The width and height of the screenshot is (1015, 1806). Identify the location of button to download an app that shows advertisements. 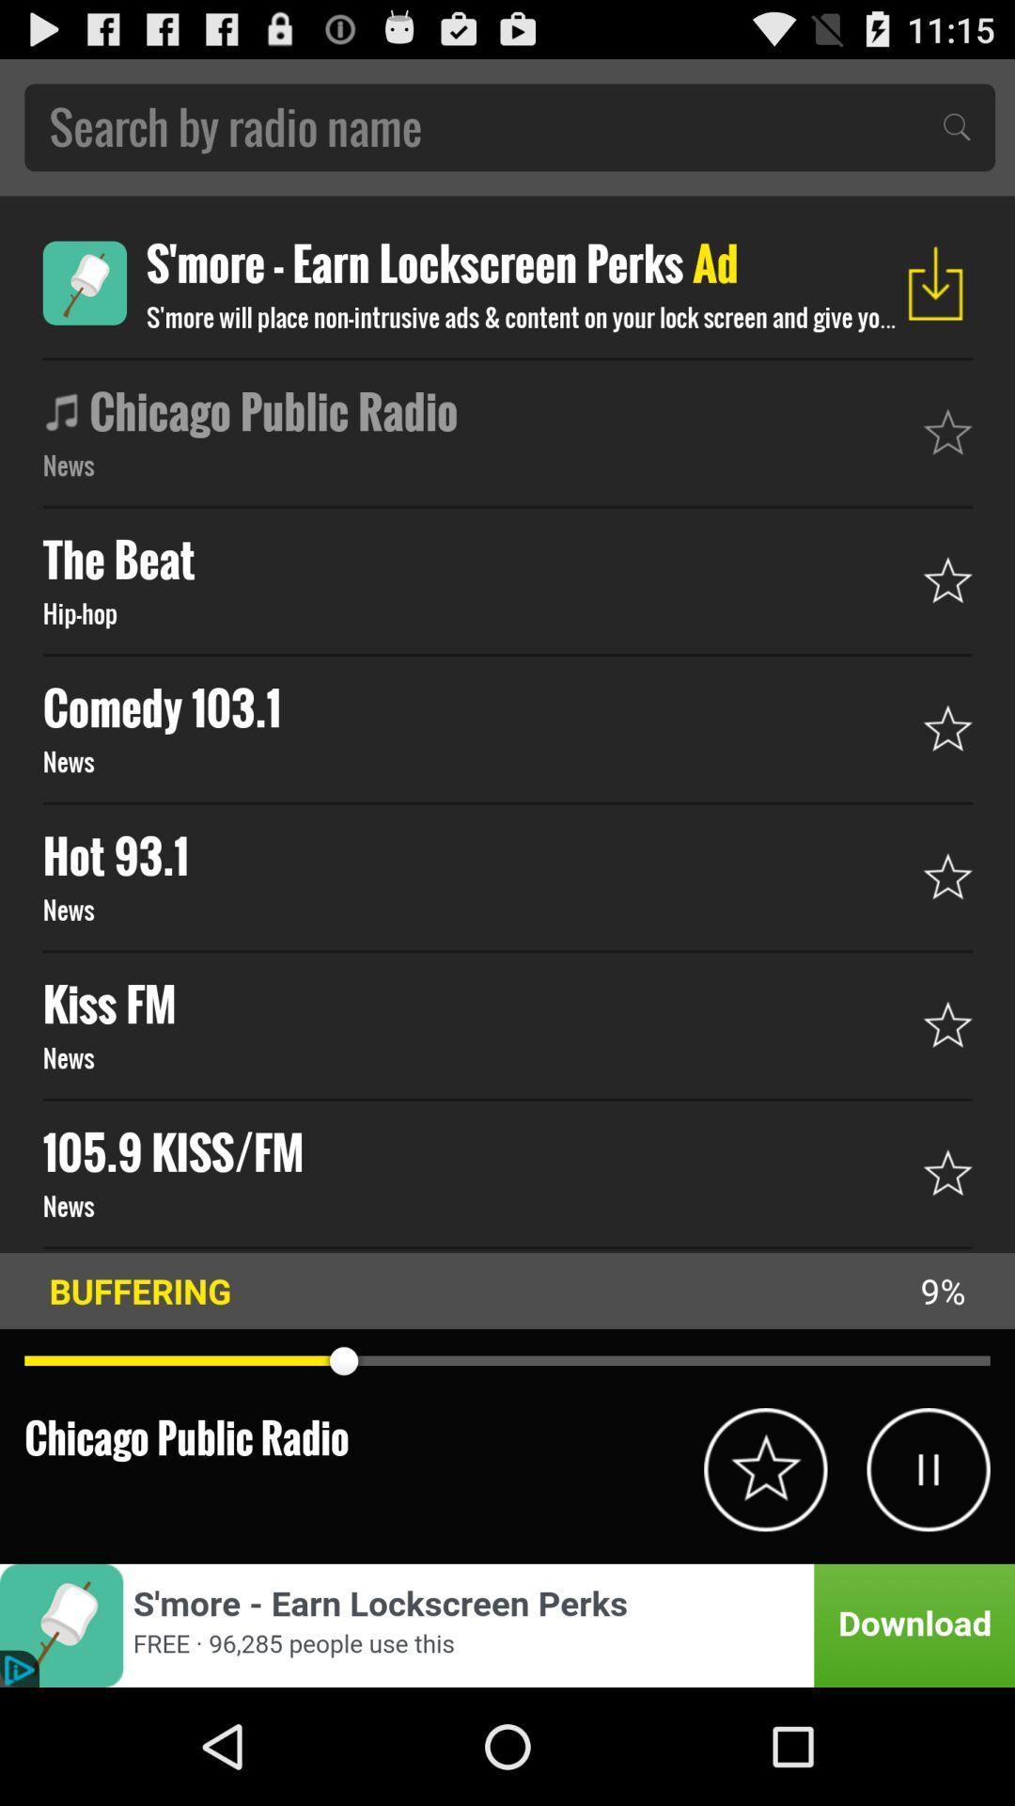
(85, 282).